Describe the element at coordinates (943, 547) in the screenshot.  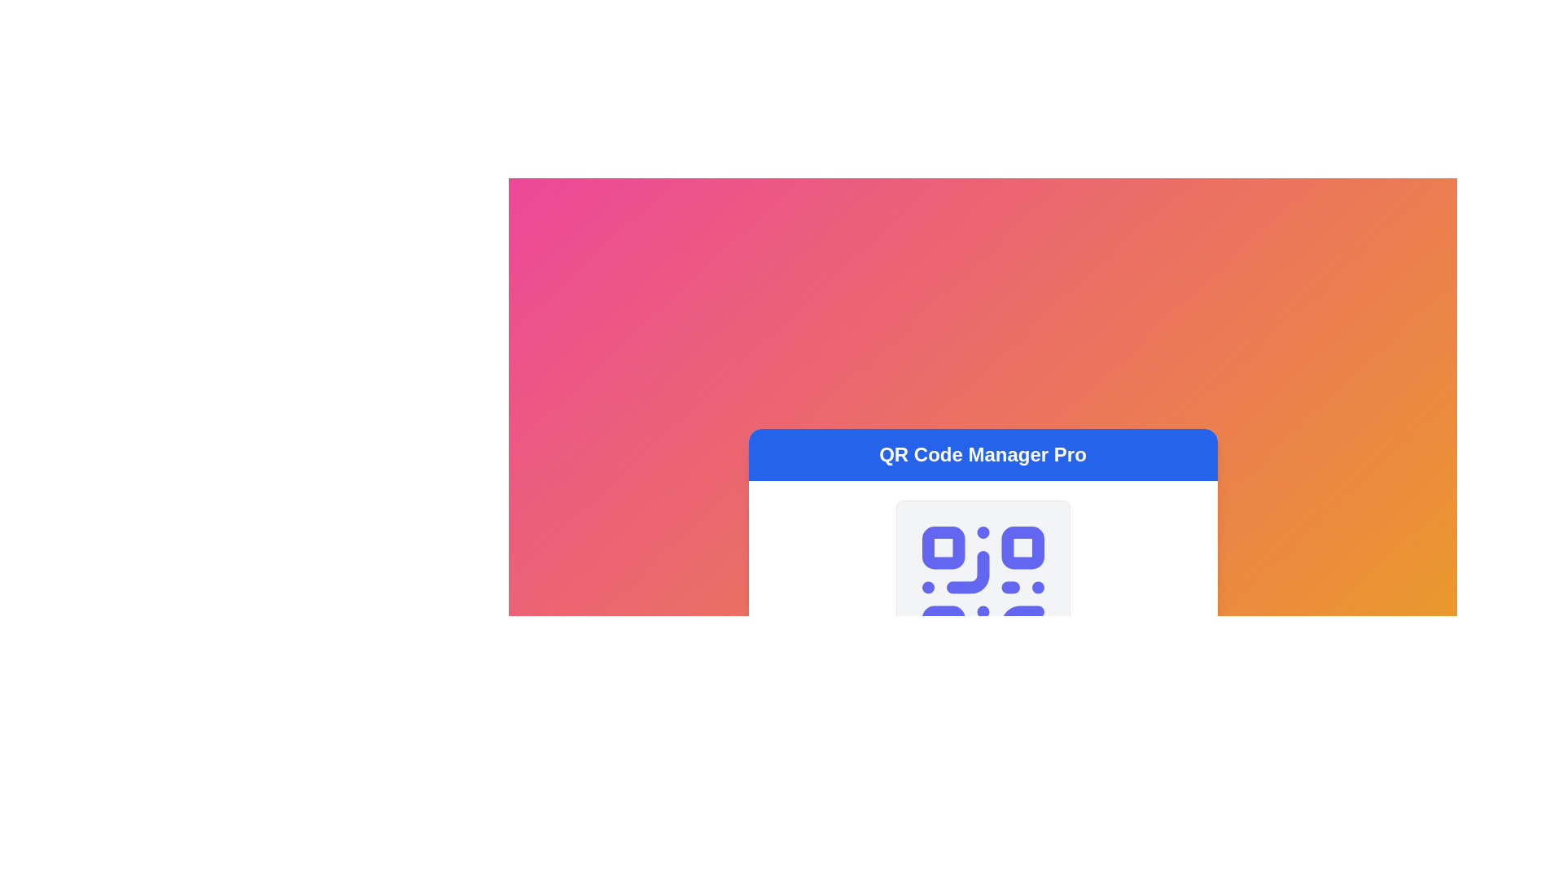
I see `the small square located at the top-left corner of the QR code-like structure with rounded corners` at that location.